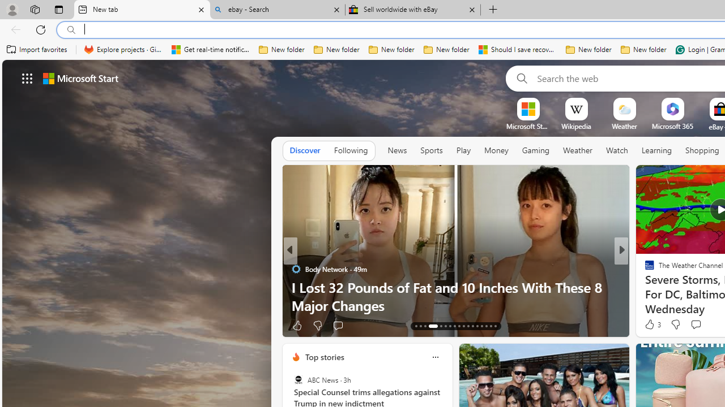 This screenshot has width=725, height=407. I want to click on 'Discover', so click(305, 150).